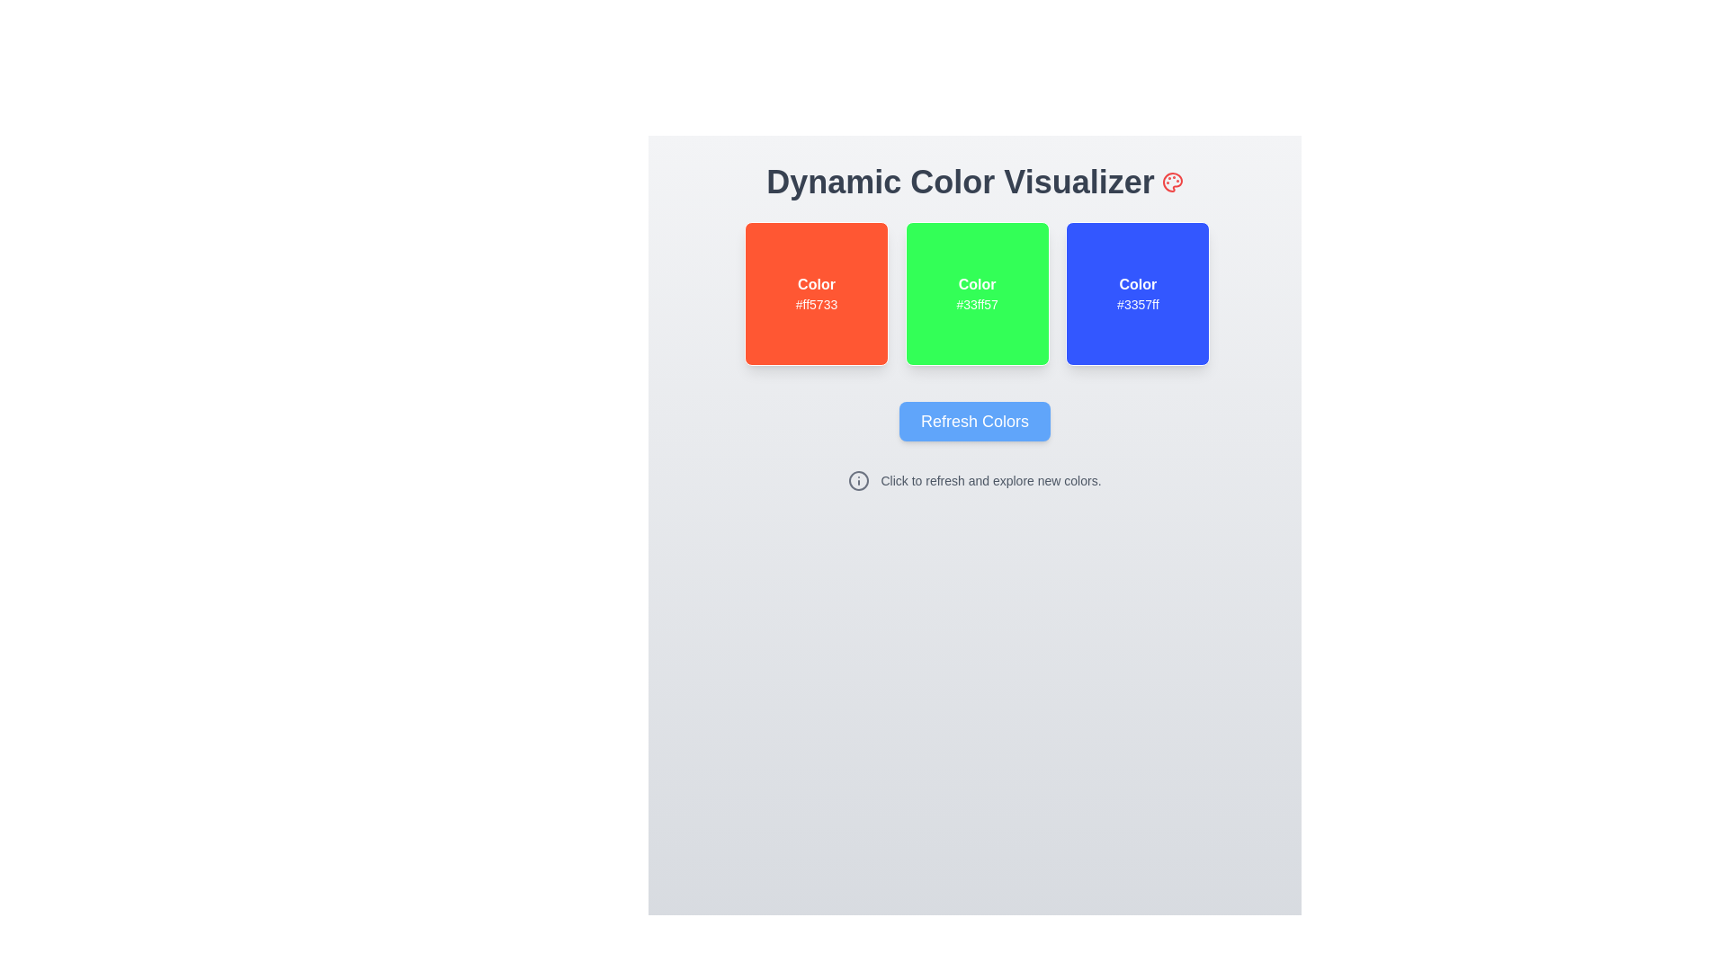 The image size is (1727, 971). What do you see at coordinates (974, 293) in the screenshot?
I see `the center of the Composite component containing colored tiles and labels located below the title 'Dynamic Color Visualizer'` at bounding box center [974, 293].